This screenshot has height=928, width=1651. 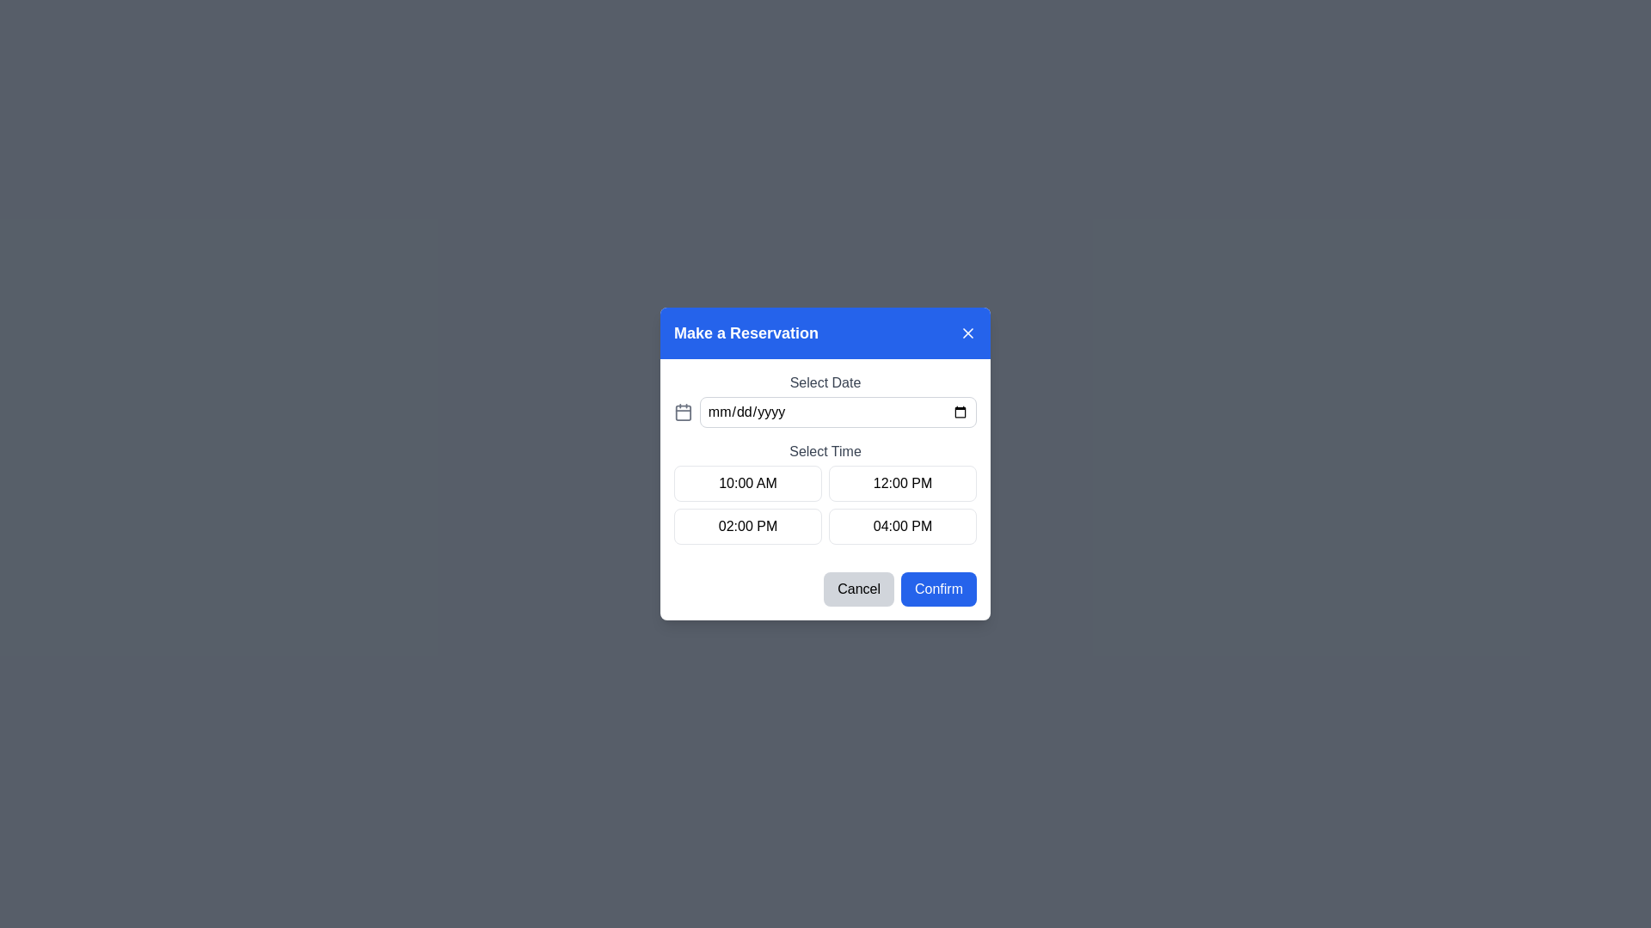 I want to click on the rectangular button with a white background and black text reading '02:00 PM', so click(x=747, y=526).